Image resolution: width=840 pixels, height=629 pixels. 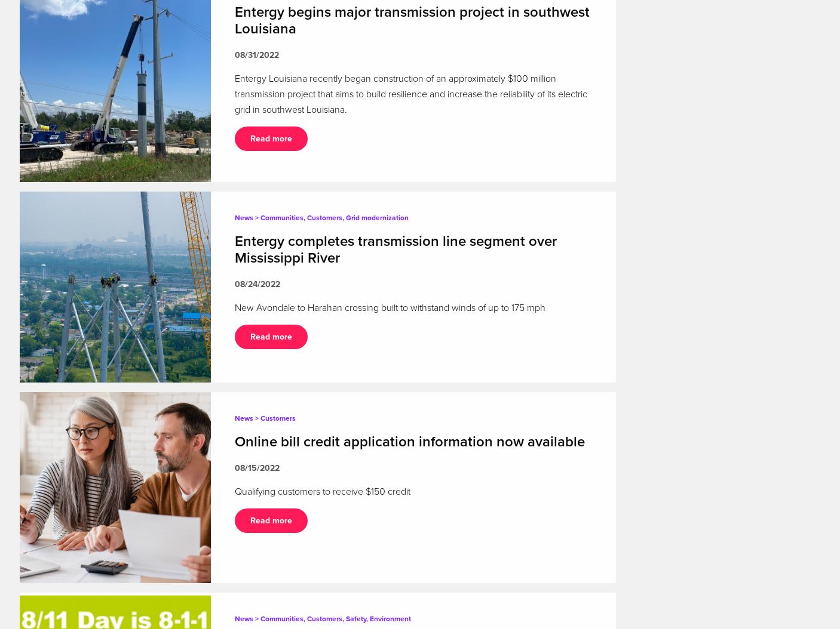 What do you see at coordinates (412, 20) in the screenshot?
I see `'Entergy begins major transmission project in southwest Louisiana'` at bounding box center [412, 20].